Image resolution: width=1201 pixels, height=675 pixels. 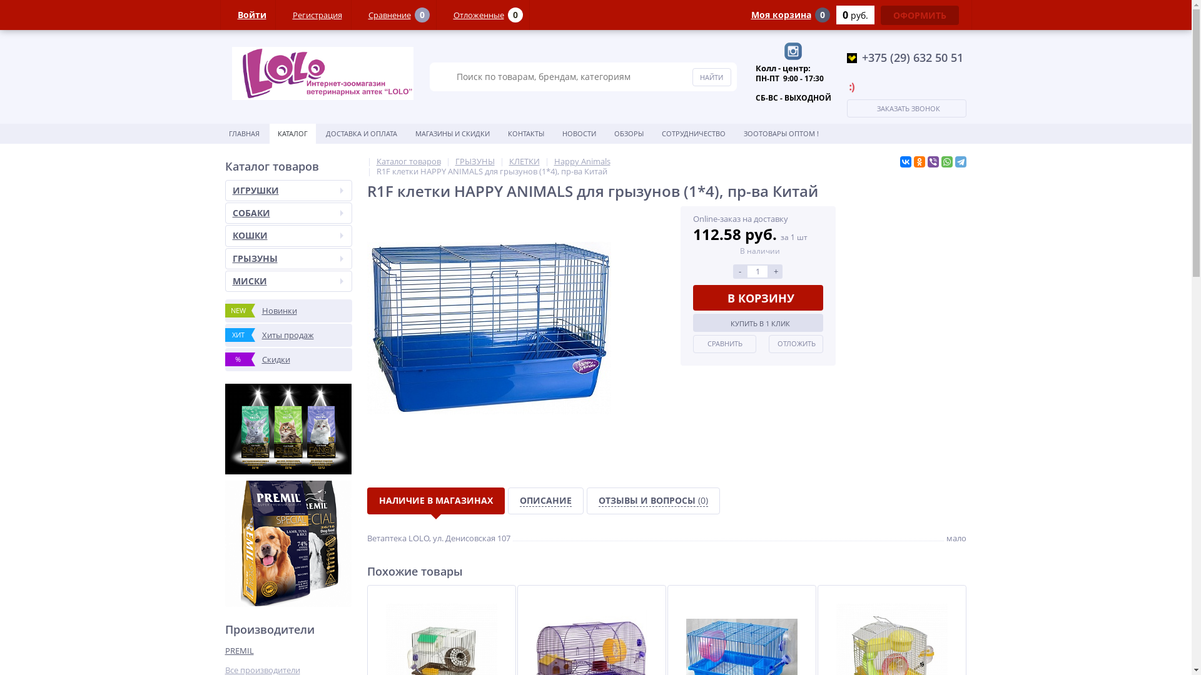 What do you see at coordinates (933, 161) in the screenshot?
I see `'Viber'` at bounding box center [933, 161].